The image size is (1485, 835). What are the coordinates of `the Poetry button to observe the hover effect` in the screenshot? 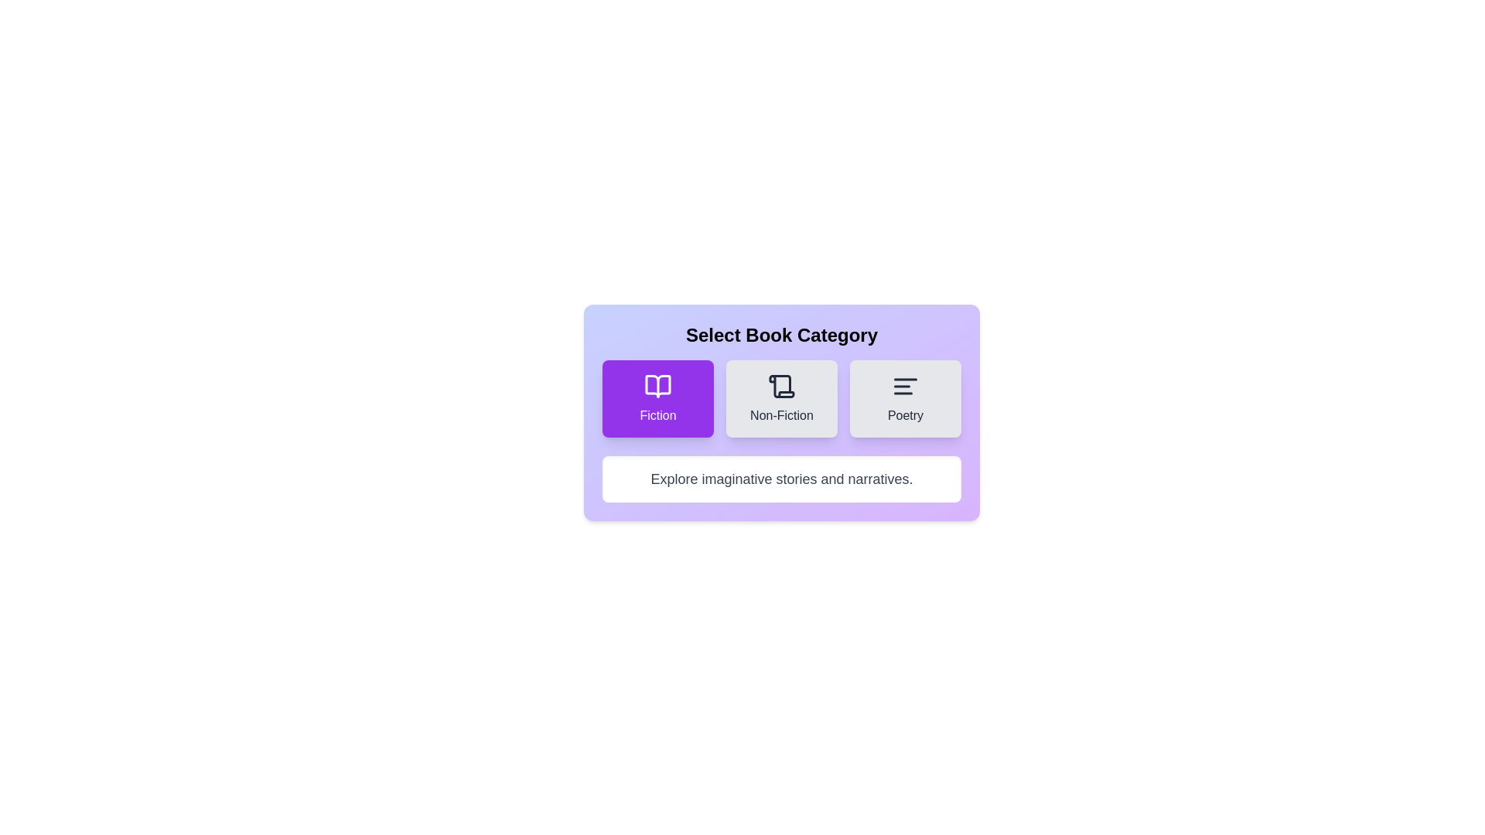 It's located at (906, 398).